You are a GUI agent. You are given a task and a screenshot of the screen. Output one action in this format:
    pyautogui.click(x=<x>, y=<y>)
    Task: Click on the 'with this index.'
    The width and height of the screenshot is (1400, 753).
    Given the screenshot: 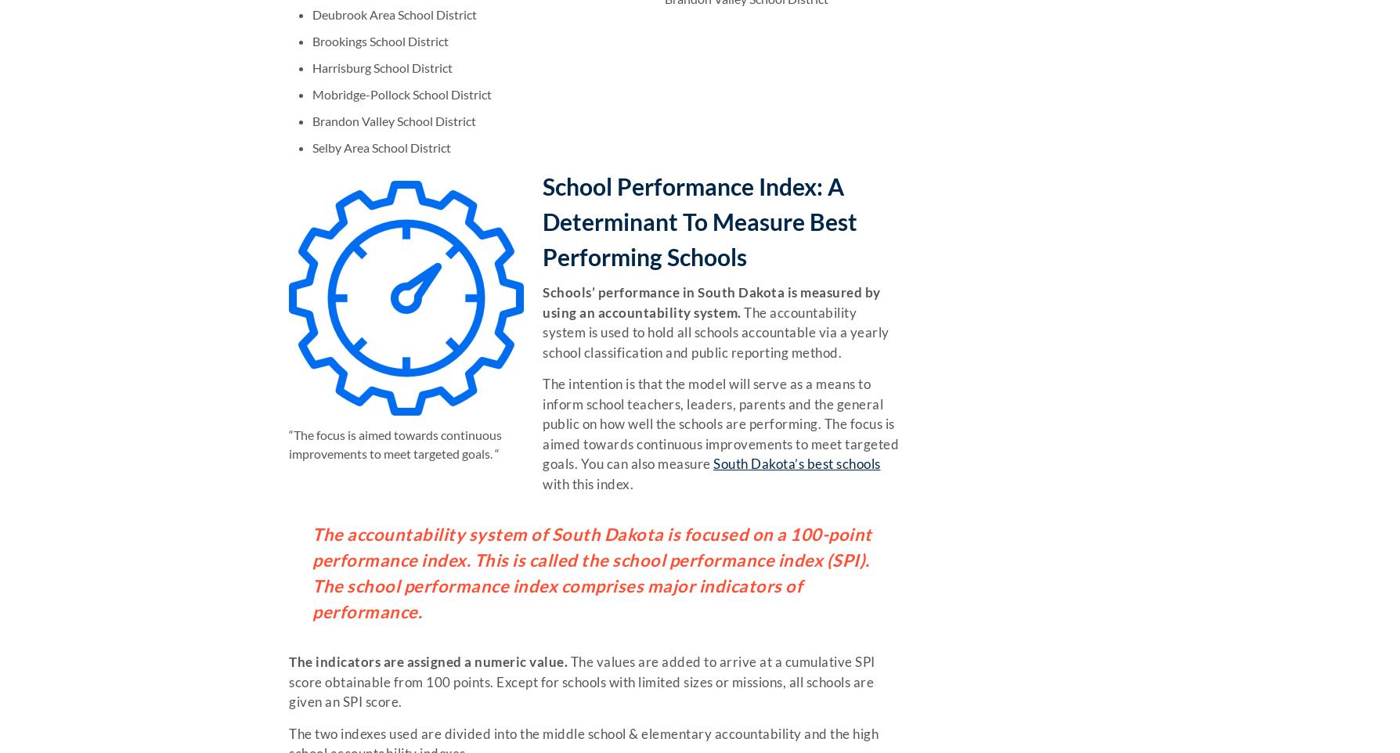 What is the action you would take?
    pyautogui.click(x=542, y=482)
    